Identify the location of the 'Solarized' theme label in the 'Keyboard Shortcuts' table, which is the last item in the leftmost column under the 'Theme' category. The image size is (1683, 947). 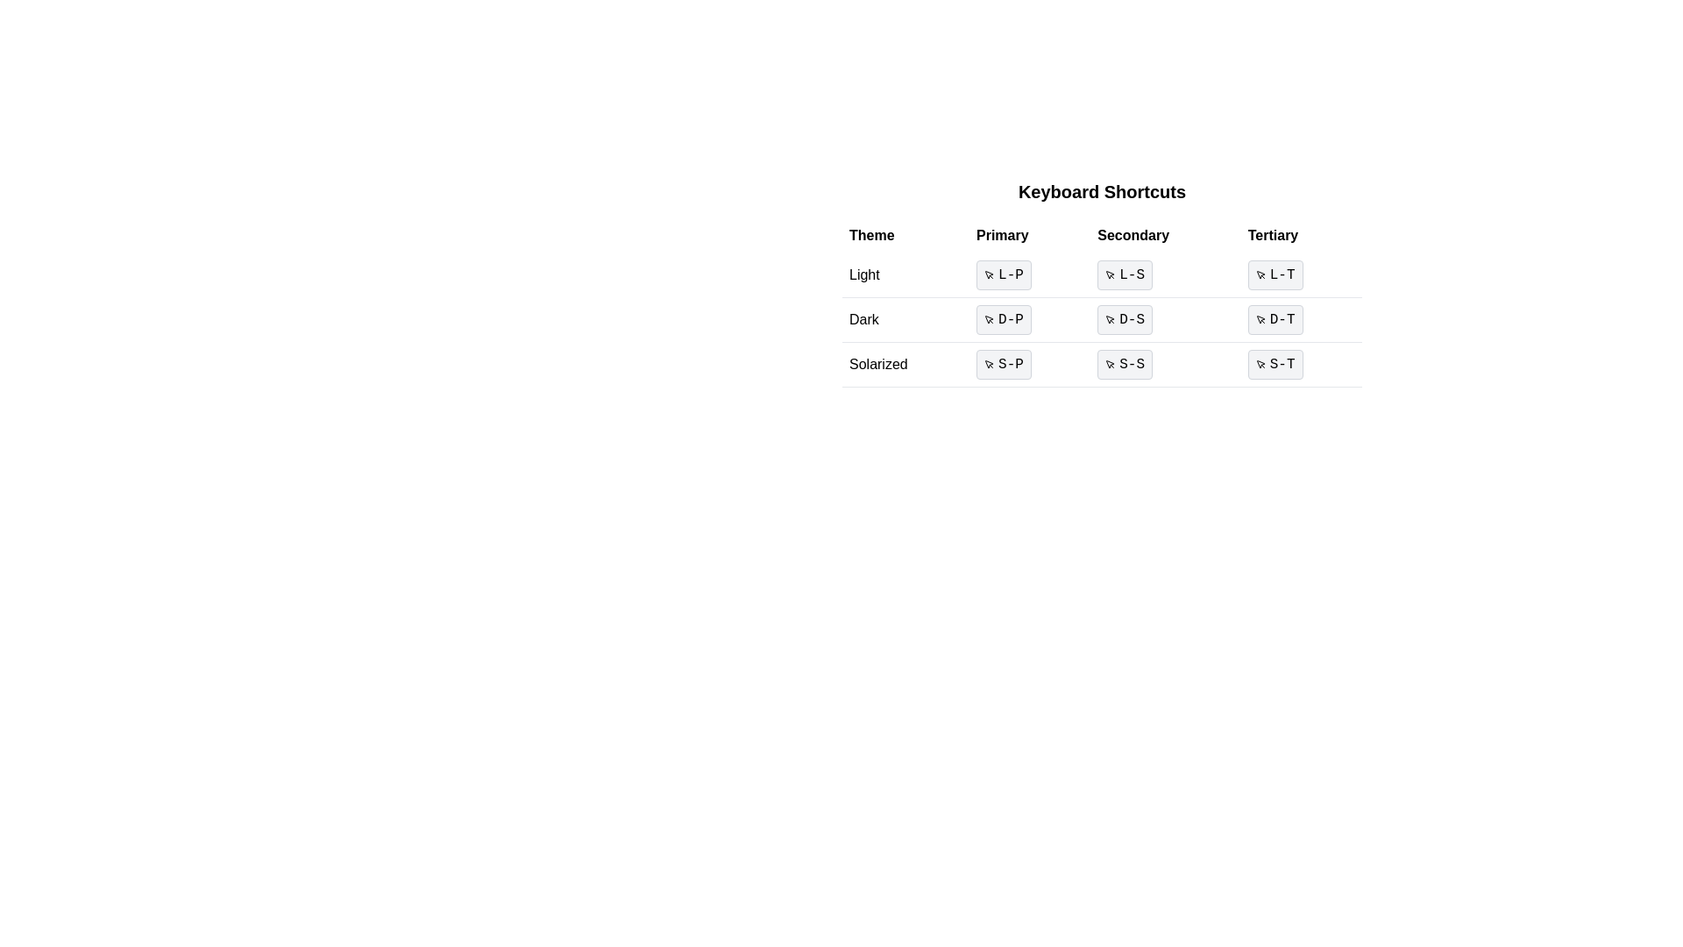
(905, 364).